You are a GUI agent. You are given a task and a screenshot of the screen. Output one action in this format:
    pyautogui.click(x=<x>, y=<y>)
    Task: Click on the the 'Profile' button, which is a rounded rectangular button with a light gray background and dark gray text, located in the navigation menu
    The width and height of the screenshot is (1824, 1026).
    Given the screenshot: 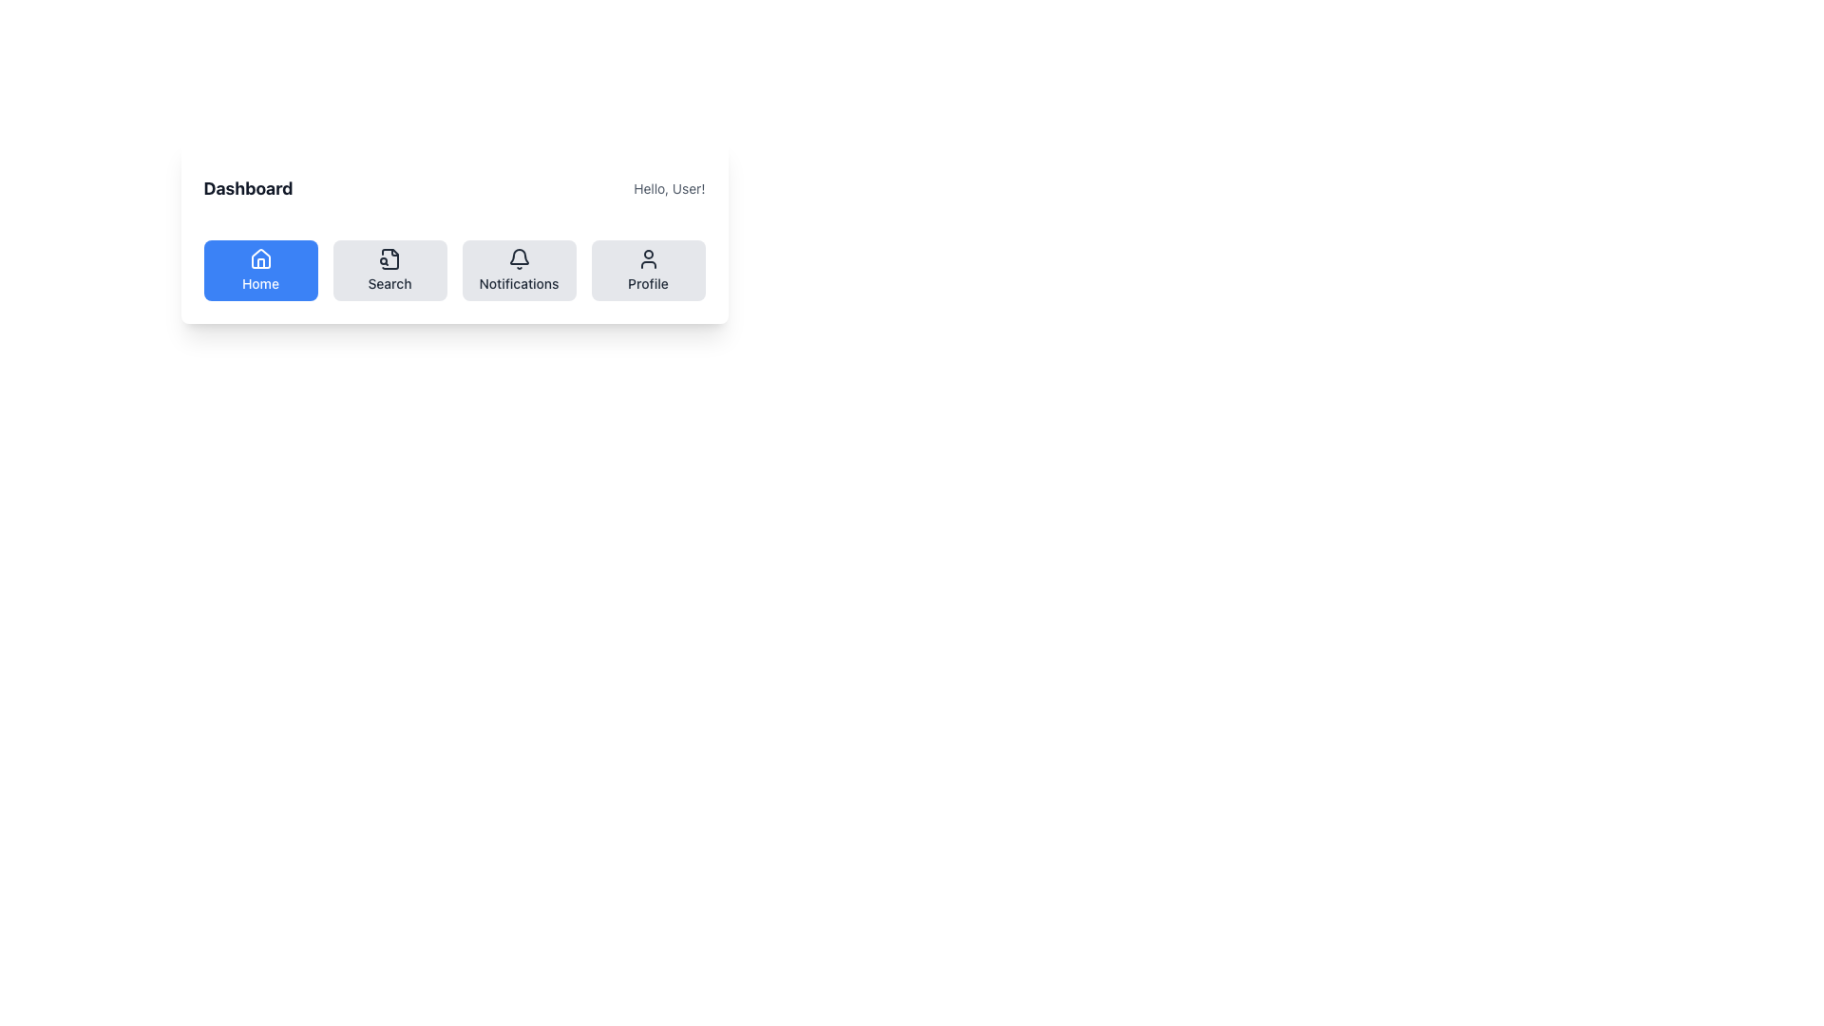 What is the action you would take?
    pyautogui.click(x=648, y=271)
    